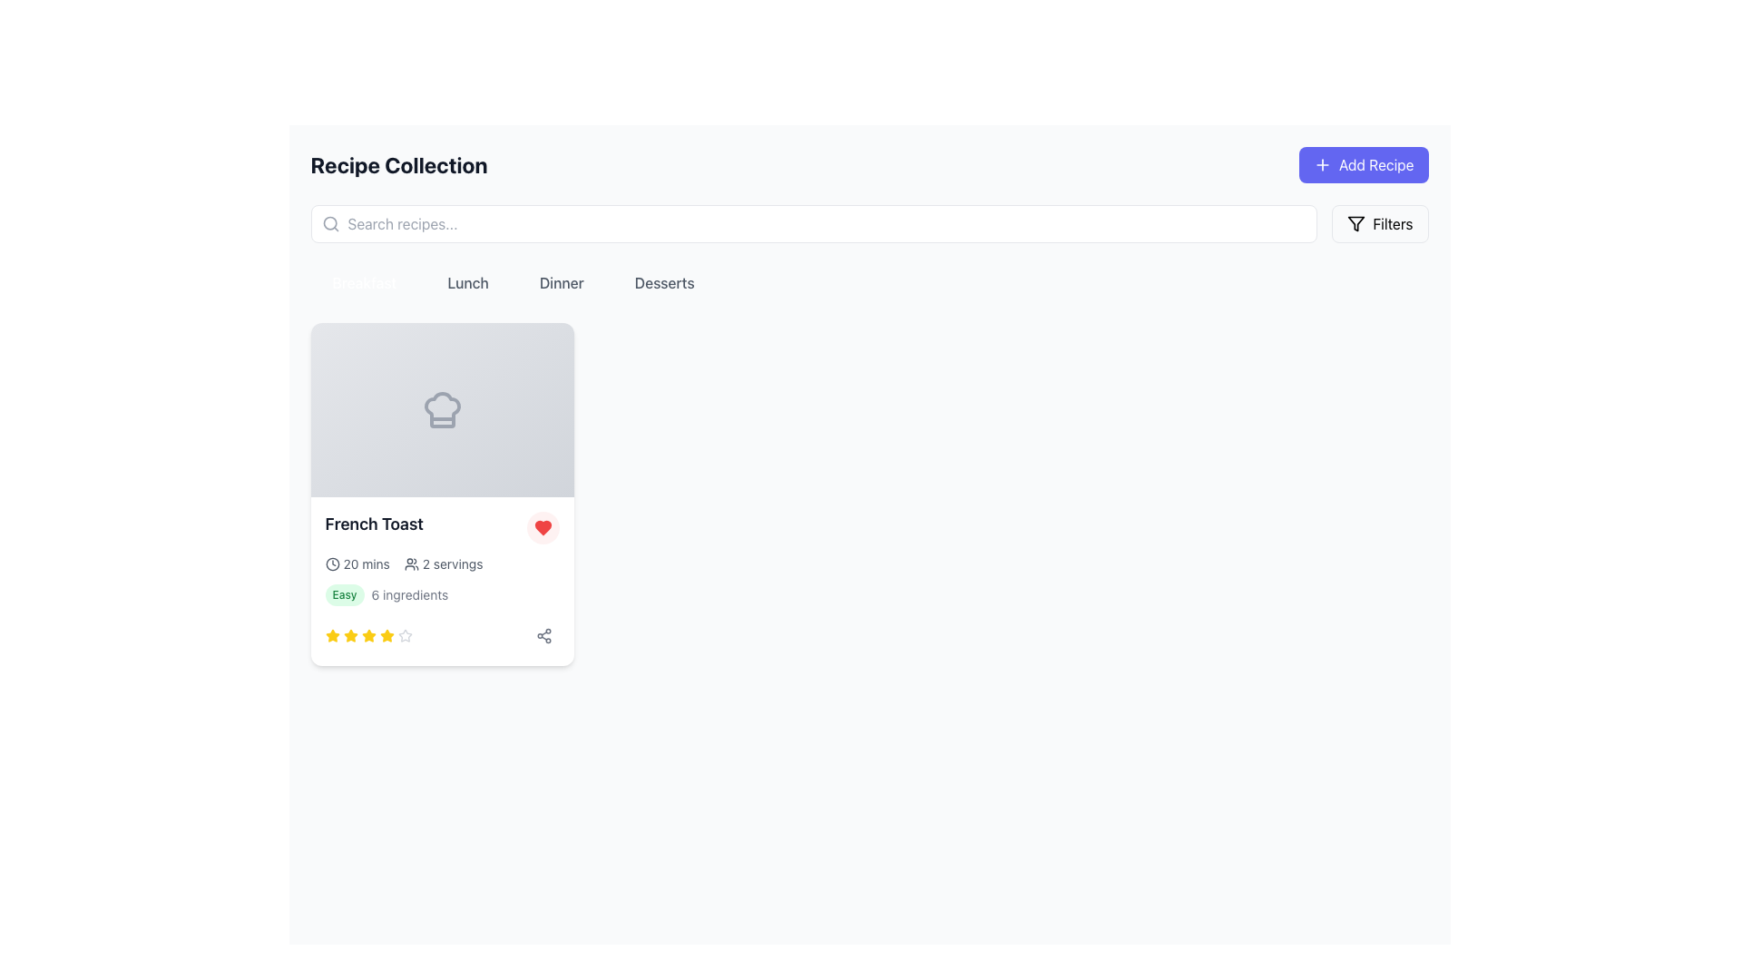 Image resolution: width=1742 pixels, height=980 pixels. Describe the element at coordinates (386, 634) in the screenshot. I see `the fourth star in the rating system under the recipe card labeled 'French Toast', located in the main content area` at that location.